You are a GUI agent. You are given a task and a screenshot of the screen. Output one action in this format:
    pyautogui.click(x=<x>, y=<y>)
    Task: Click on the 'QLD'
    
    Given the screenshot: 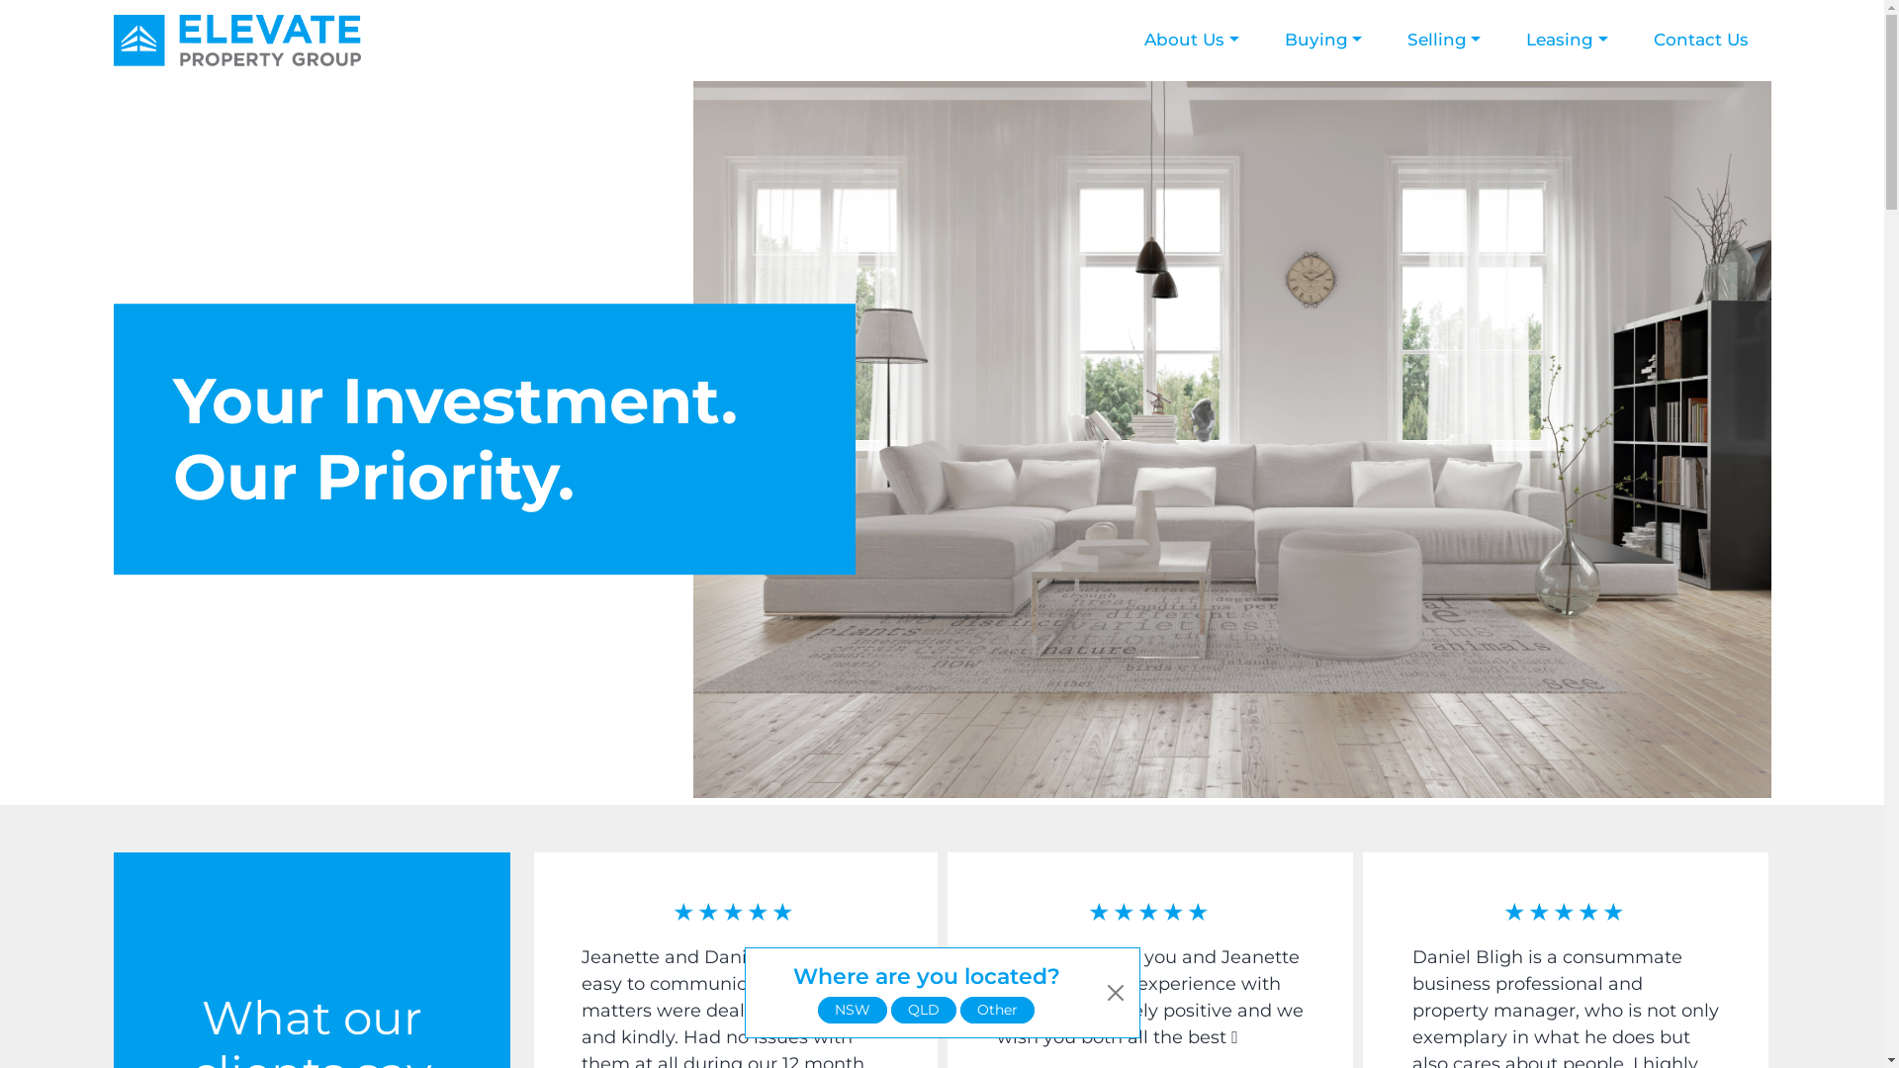 What is the action you would take?
    pyautogui.click(x=923, y=1010)
    